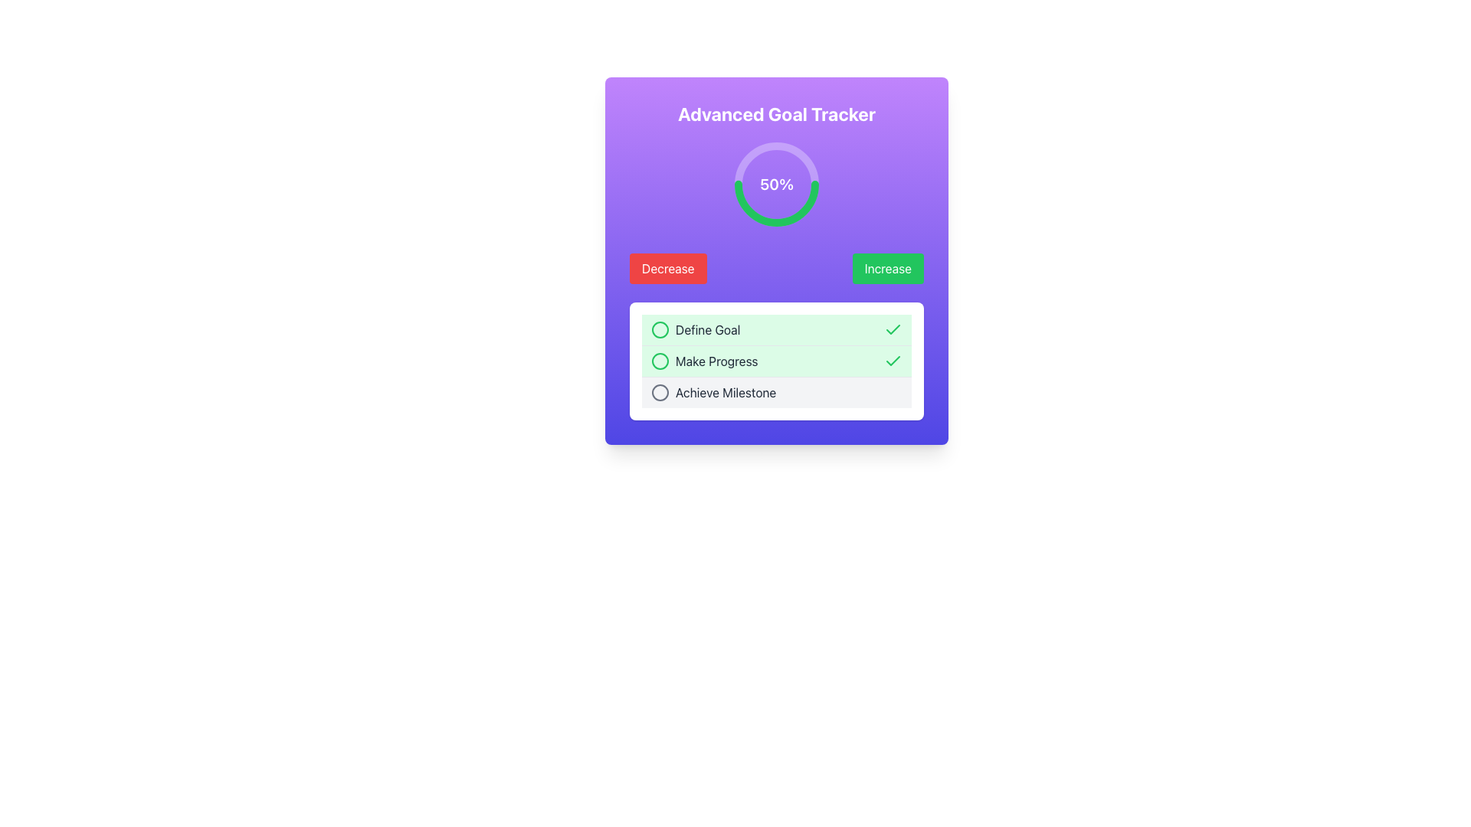  Describe the element at coordinates (660, 361) in the screenshot. I see `the circular green outlined icon in the second row of the progress tracker section, located to the left of the text 'Make Progress'` at that location.